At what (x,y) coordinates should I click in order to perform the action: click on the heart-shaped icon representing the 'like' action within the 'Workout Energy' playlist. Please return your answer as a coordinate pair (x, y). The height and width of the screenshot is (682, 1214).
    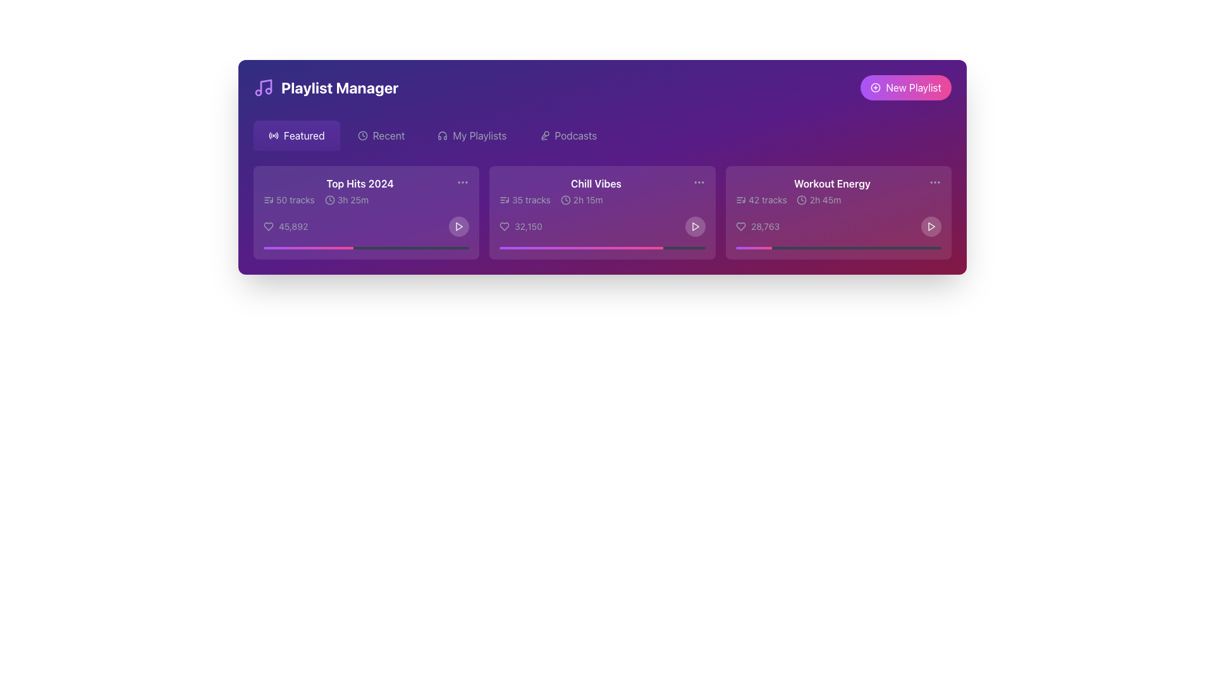
    Looking at the image, I should click on (740, 225).